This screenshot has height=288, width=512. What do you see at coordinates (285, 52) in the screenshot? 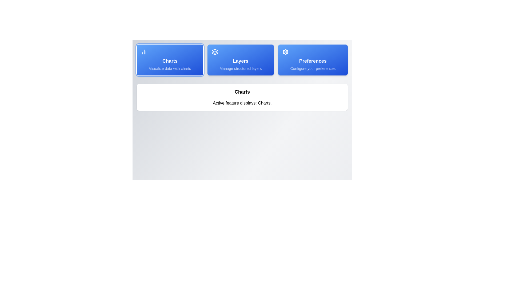
I see `the settings icon located at the top-right corner of the menu, which includes 'Charts', 'Layers', and 'Preferences'` at bounding box center [285, 52].